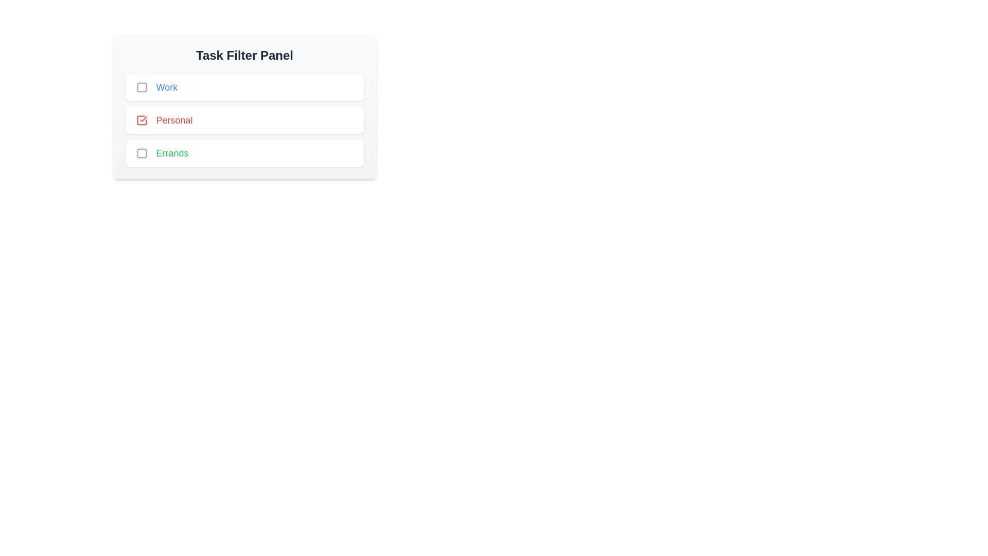 The height and width of the screenshot is (556, 988). I want to click on the text label 'Work' which is styled in a large blue font and positioned immediately to the right of a checkbox in the topmost row of the interface, so click(167, 86).